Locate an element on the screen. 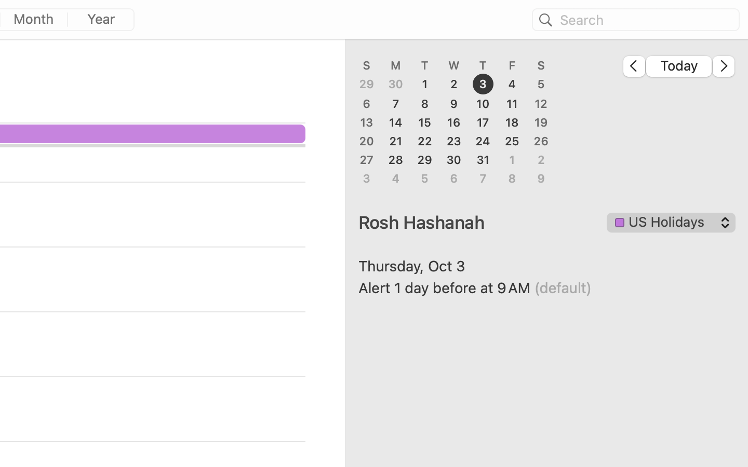 The width and height of the screenshot is (748, 467). '22' is located at coordinates (425, 140).